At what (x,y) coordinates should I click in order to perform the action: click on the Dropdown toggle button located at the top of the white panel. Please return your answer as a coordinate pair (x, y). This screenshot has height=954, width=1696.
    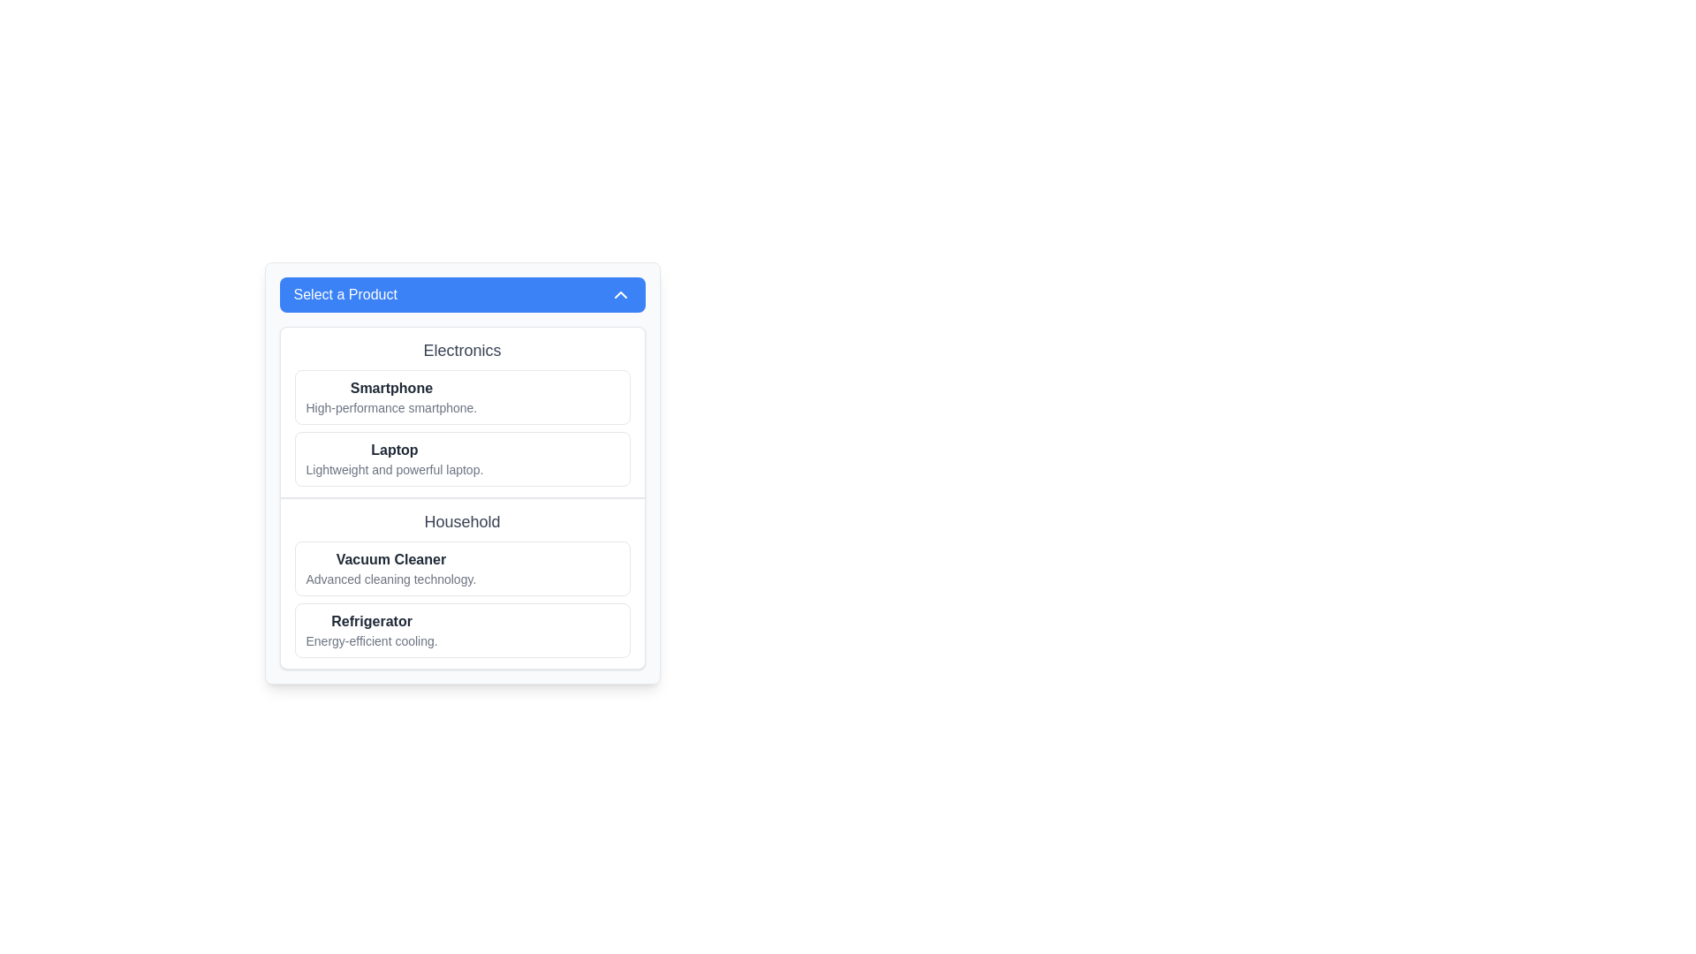
    Looking at the image, I should click on (462, 294).